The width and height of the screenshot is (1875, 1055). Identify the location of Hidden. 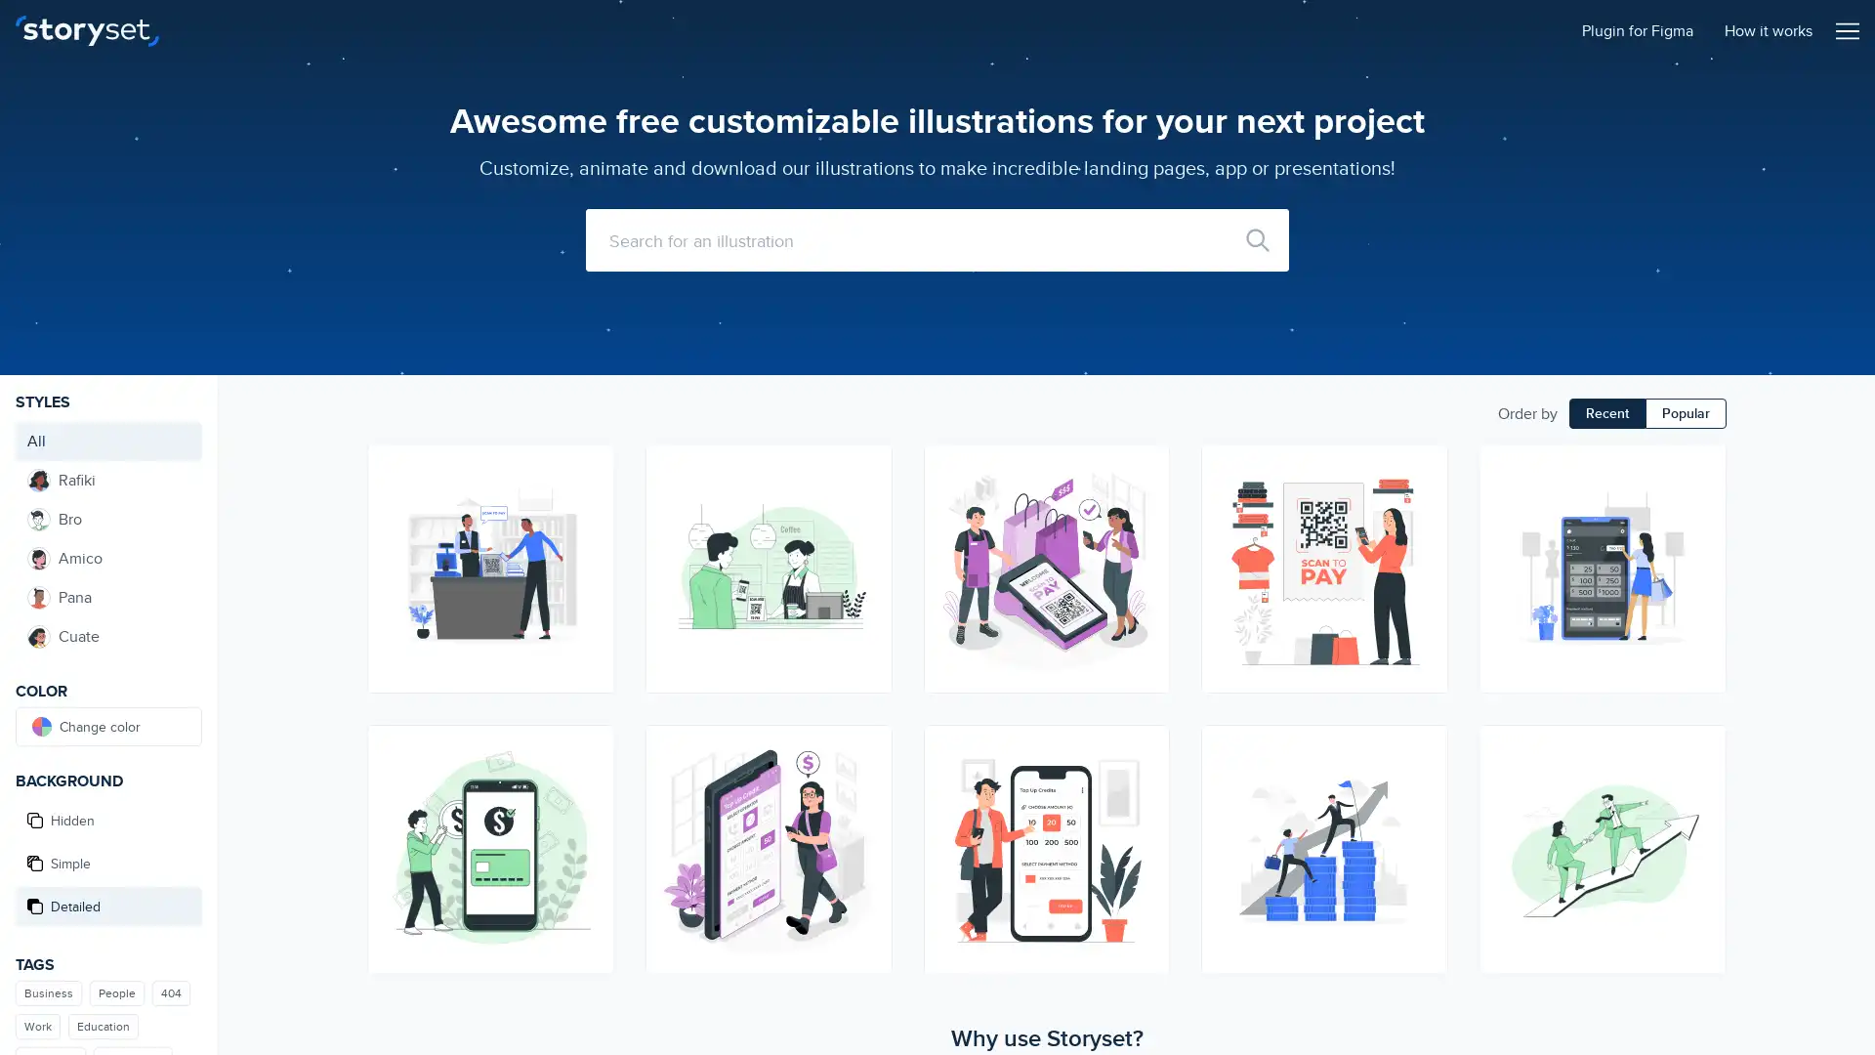
(107, 821).